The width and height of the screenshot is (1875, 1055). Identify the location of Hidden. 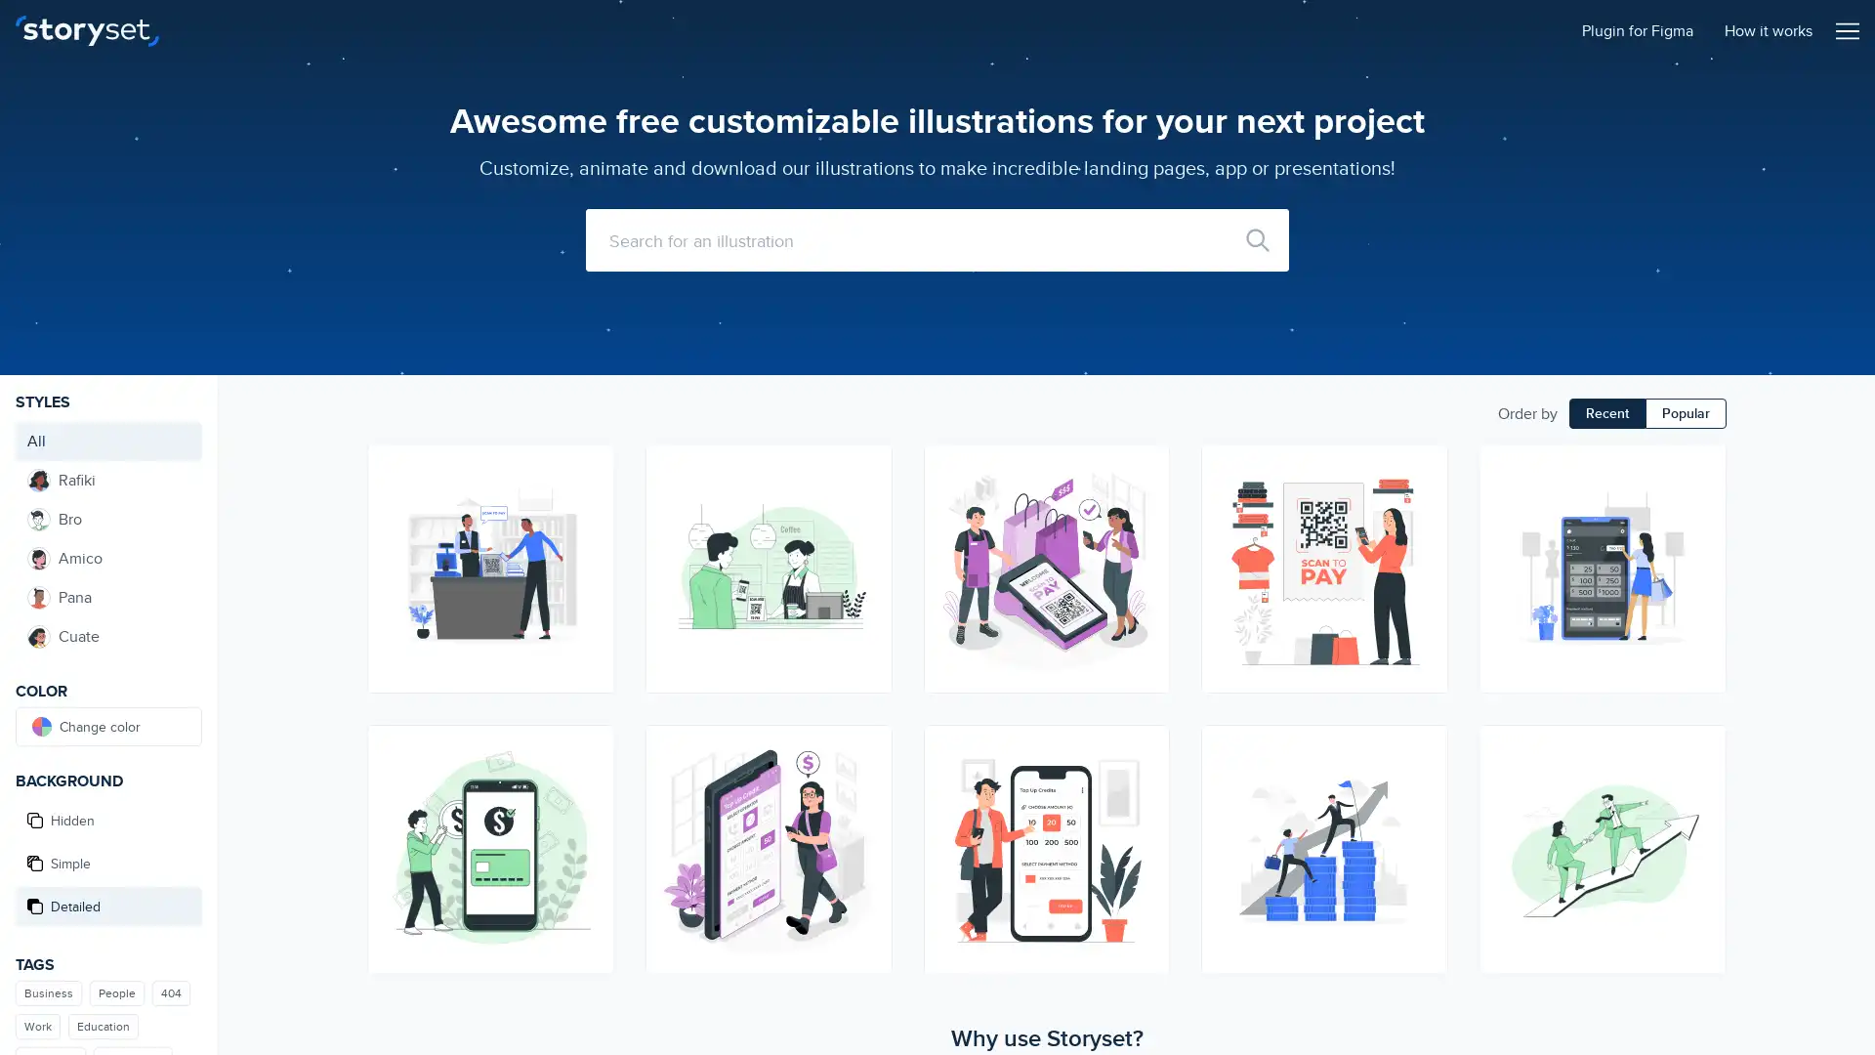
(107, 821).